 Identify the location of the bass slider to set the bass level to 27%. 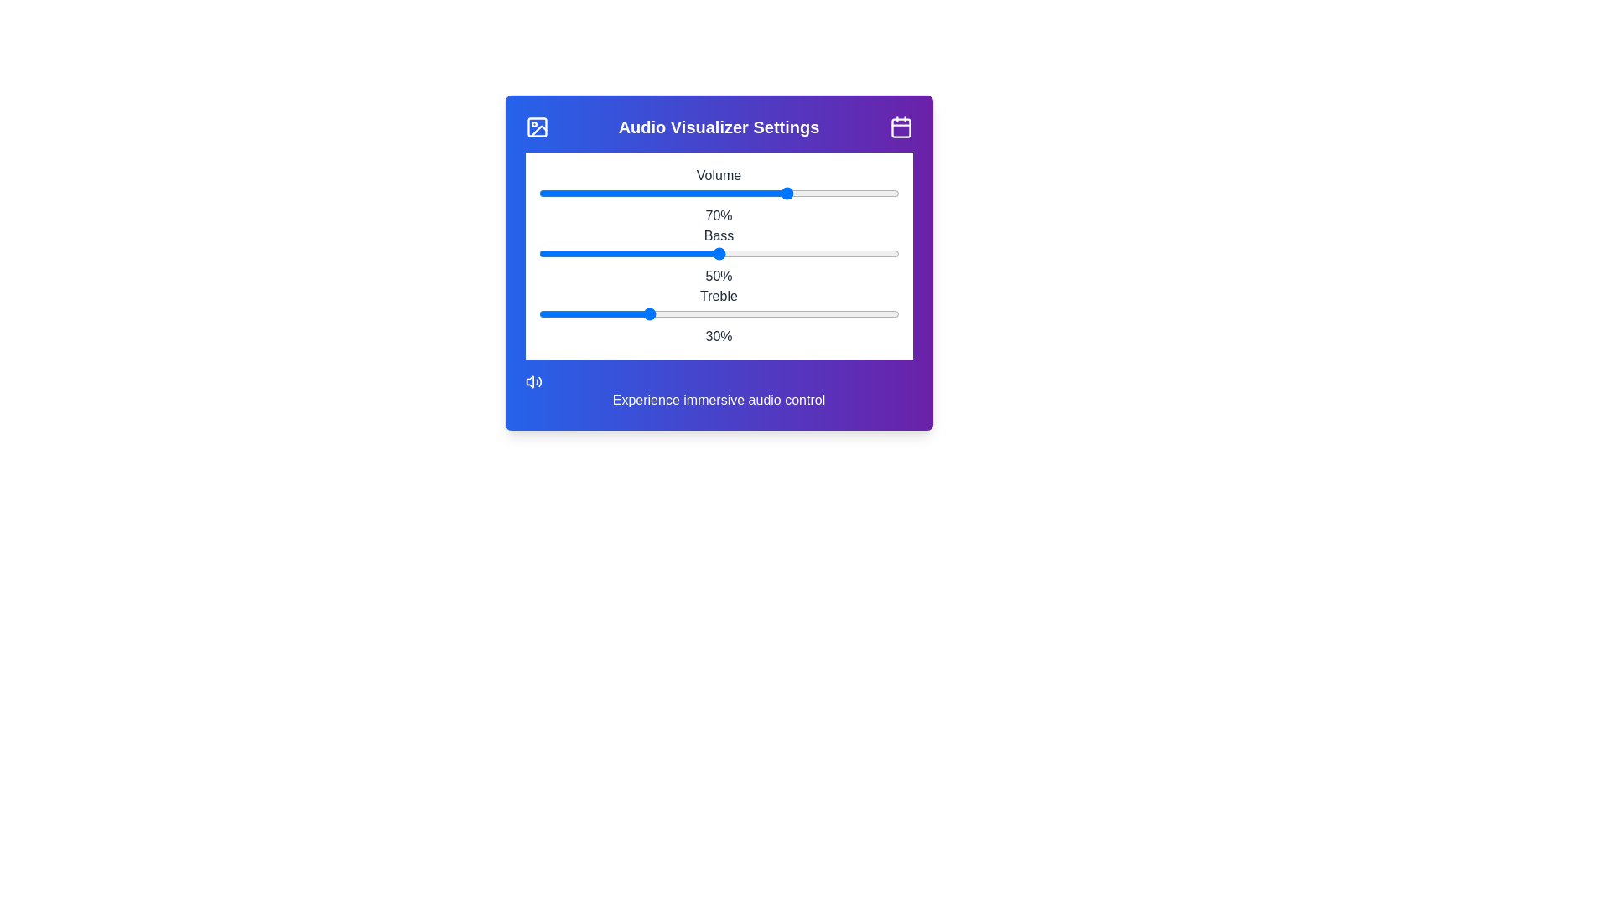
(635, 254).